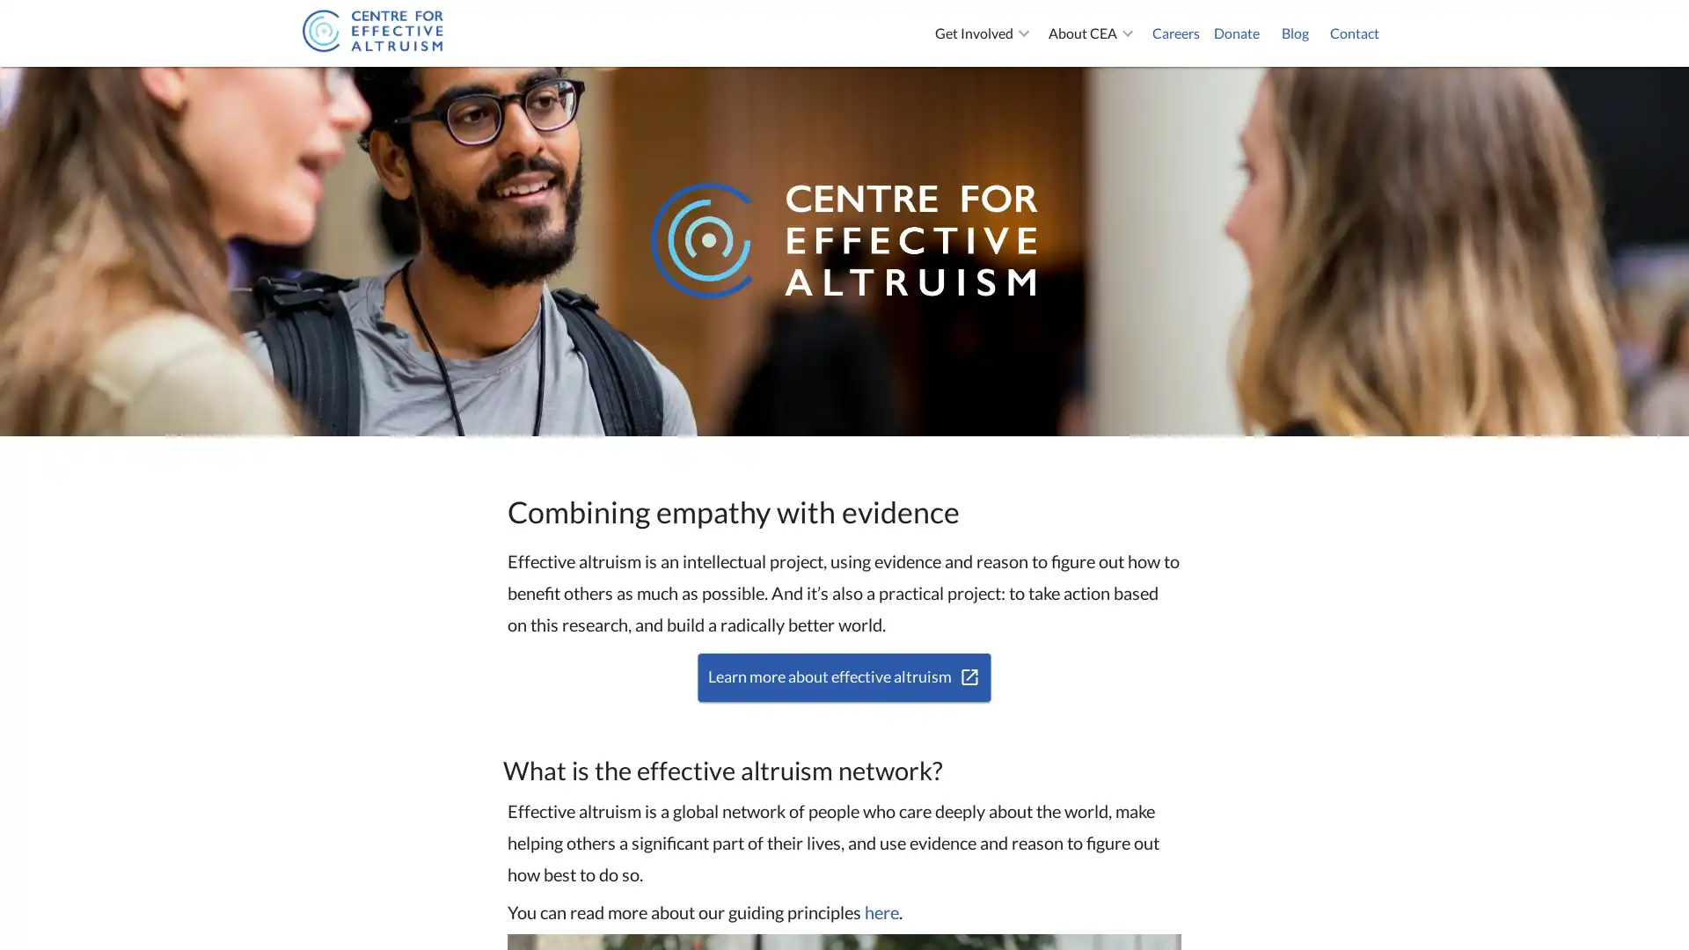 This screenshot has height=950, width=1689. What do you see at coordinates (983, 33) in the screenshot?
I see `Get Involved` at bounding box center [983, 33].